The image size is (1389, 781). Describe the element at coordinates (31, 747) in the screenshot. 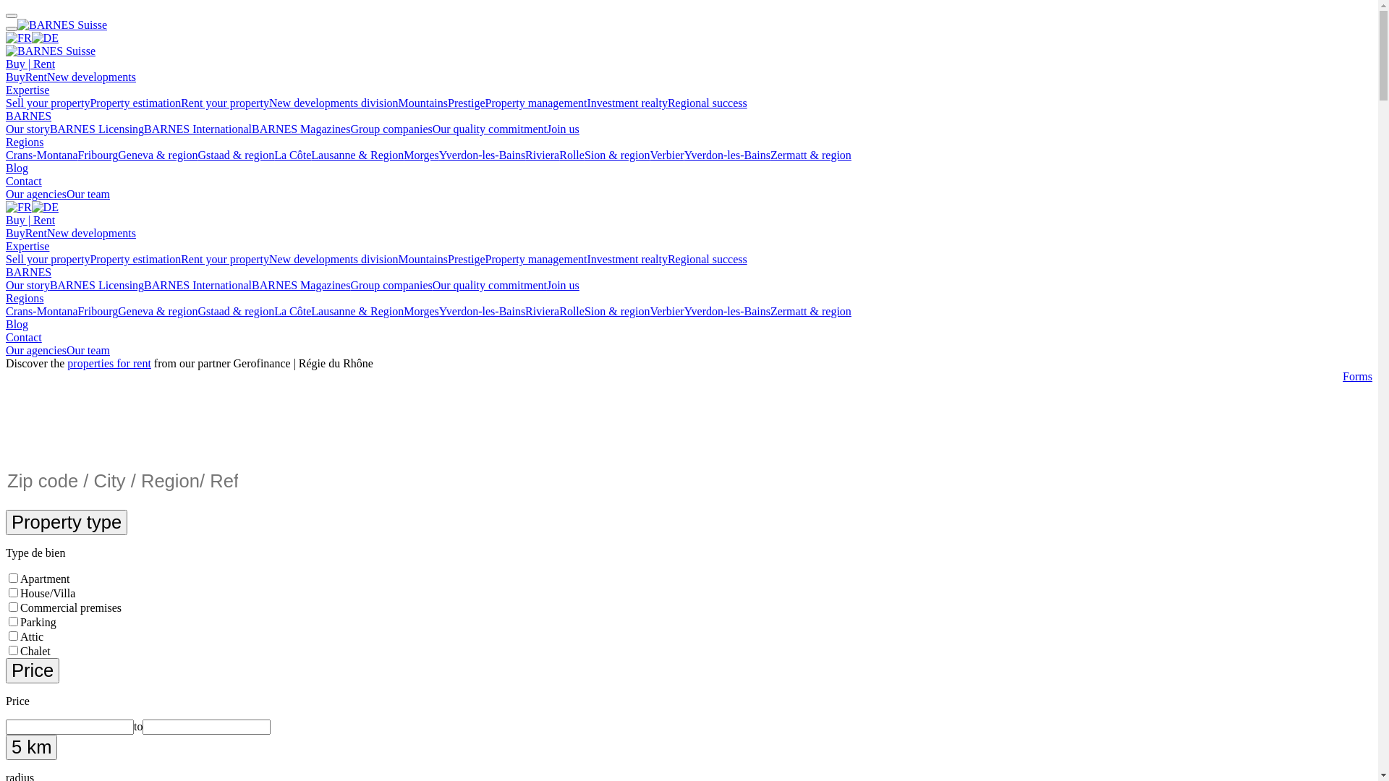

I see `'5 km'` at that location.